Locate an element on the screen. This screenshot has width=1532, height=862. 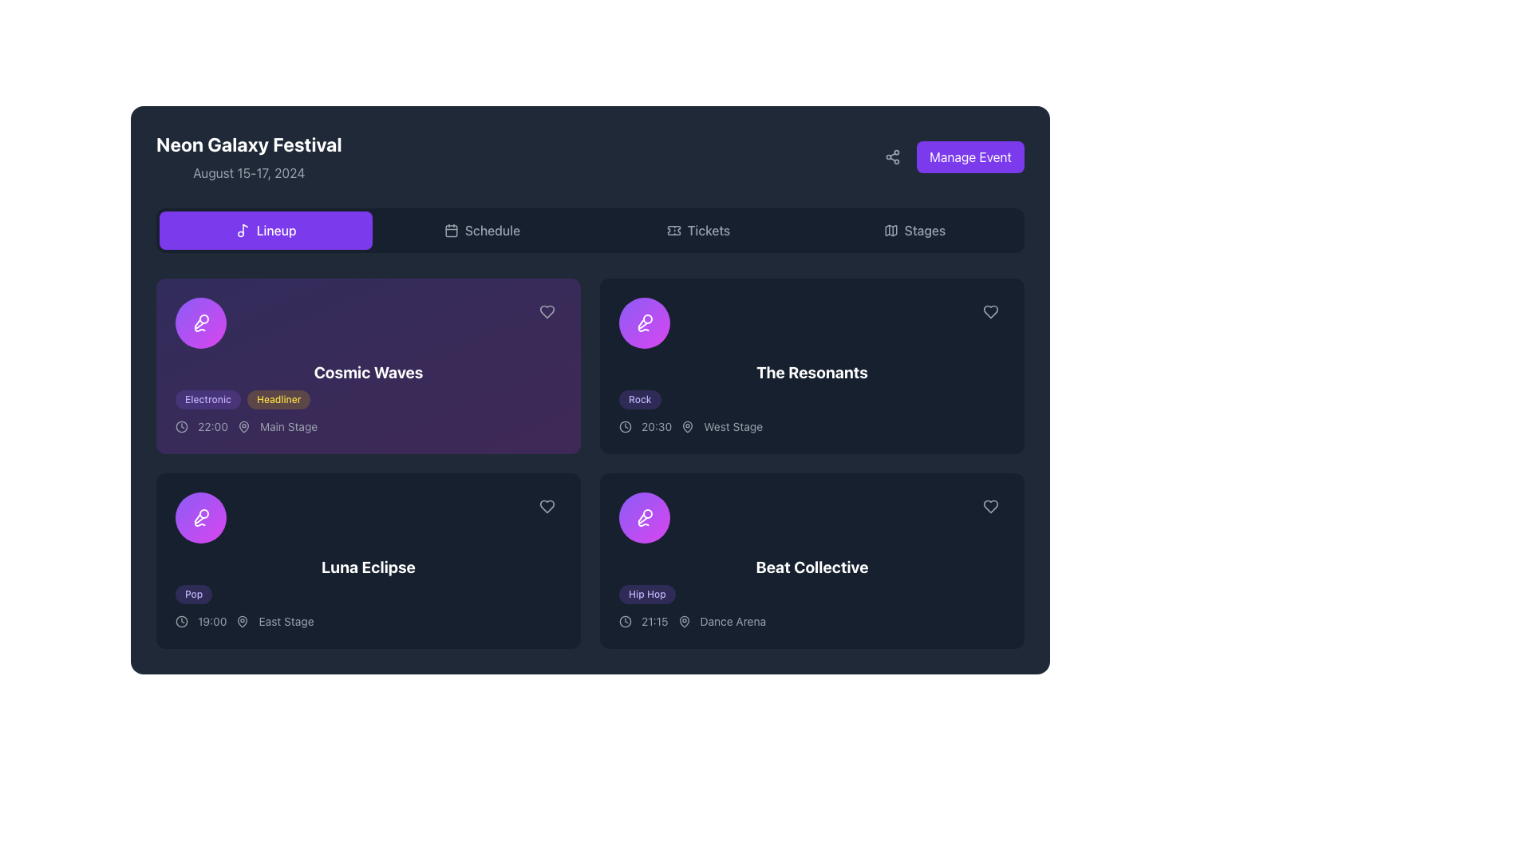
the pin icon located to the left of the 'Main Stage' label under the event information for 'Cosmic Waves' in the lineup section is located at coordinates (243, 426).